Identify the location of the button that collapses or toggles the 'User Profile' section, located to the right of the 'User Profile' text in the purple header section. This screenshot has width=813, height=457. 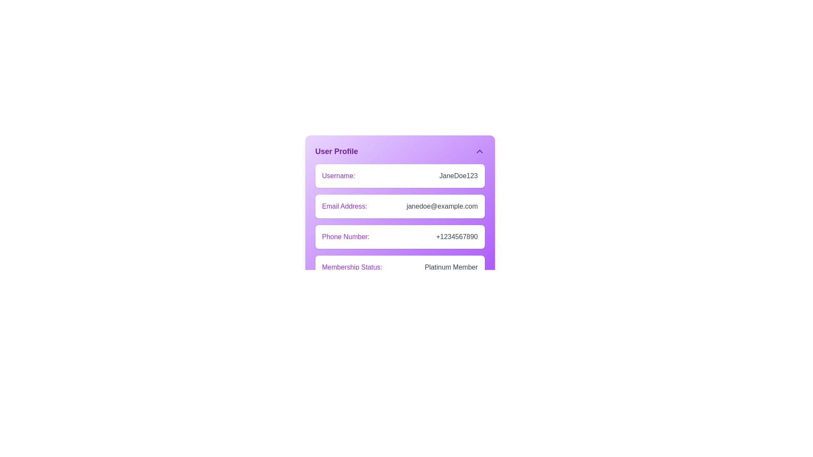
(479, 151).